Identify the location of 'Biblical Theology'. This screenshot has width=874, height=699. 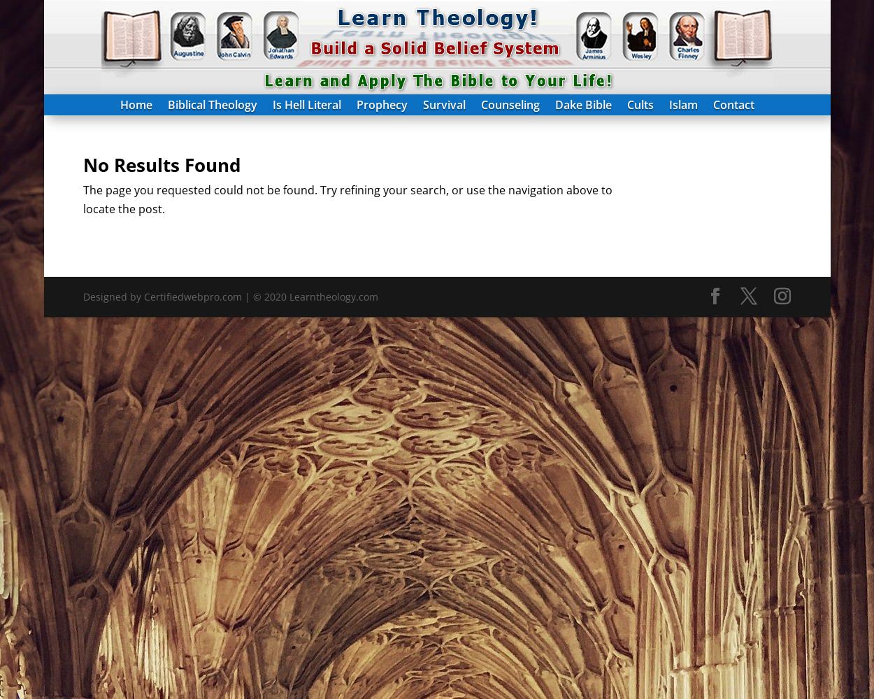
(212, 105).